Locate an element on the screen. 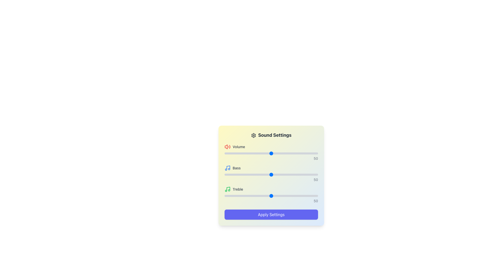  treble is located at coordinates (301, 196).